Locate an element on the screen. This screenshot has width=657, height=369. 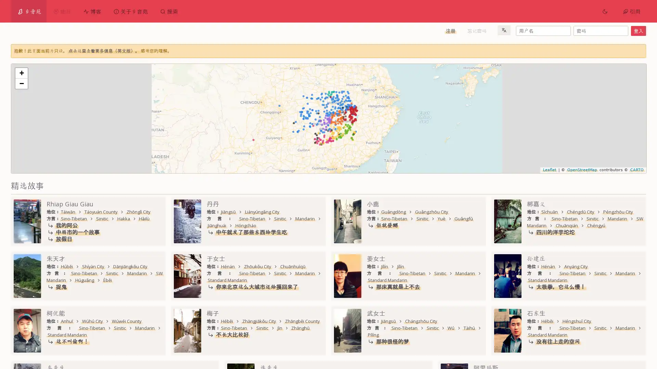
Zoom in is located at coordinates (21, 73).